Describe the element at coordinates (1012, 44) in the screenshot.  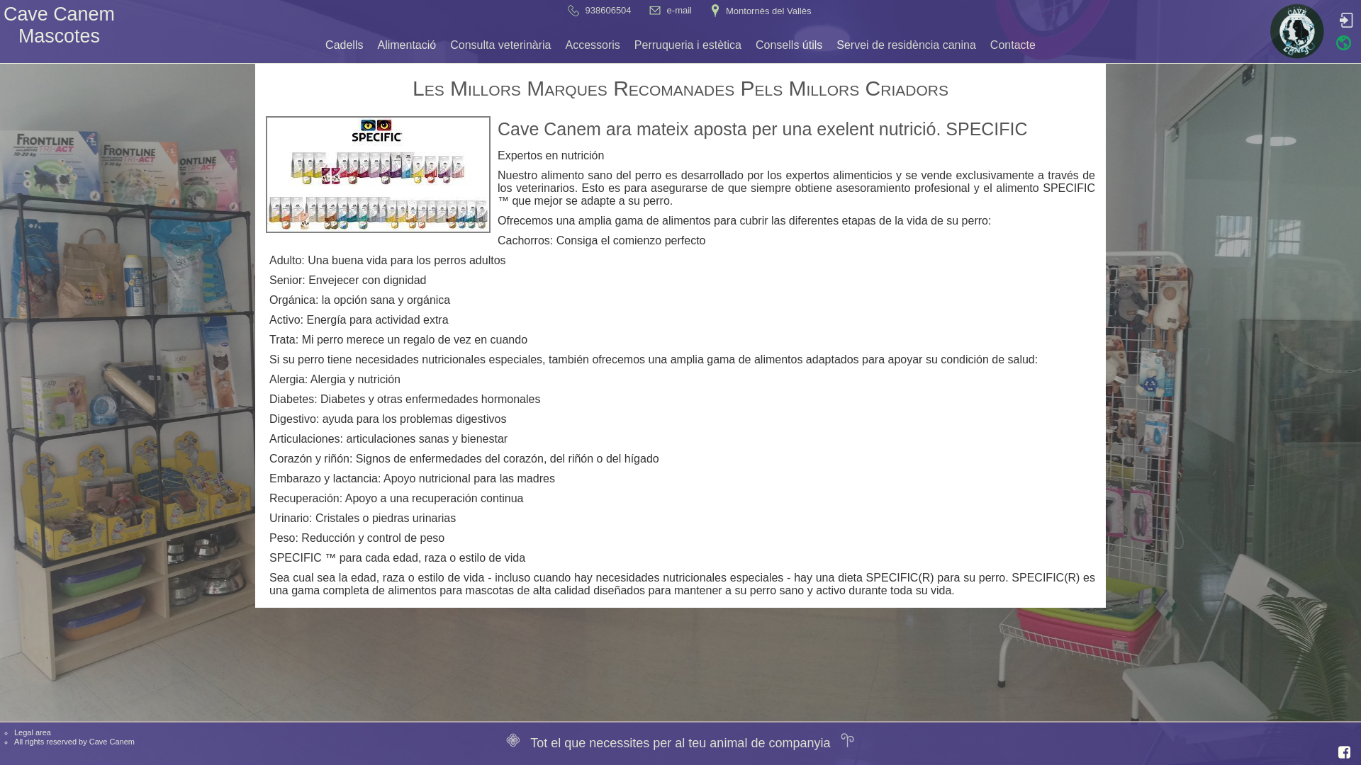
I see `'Contacte'` at that location.